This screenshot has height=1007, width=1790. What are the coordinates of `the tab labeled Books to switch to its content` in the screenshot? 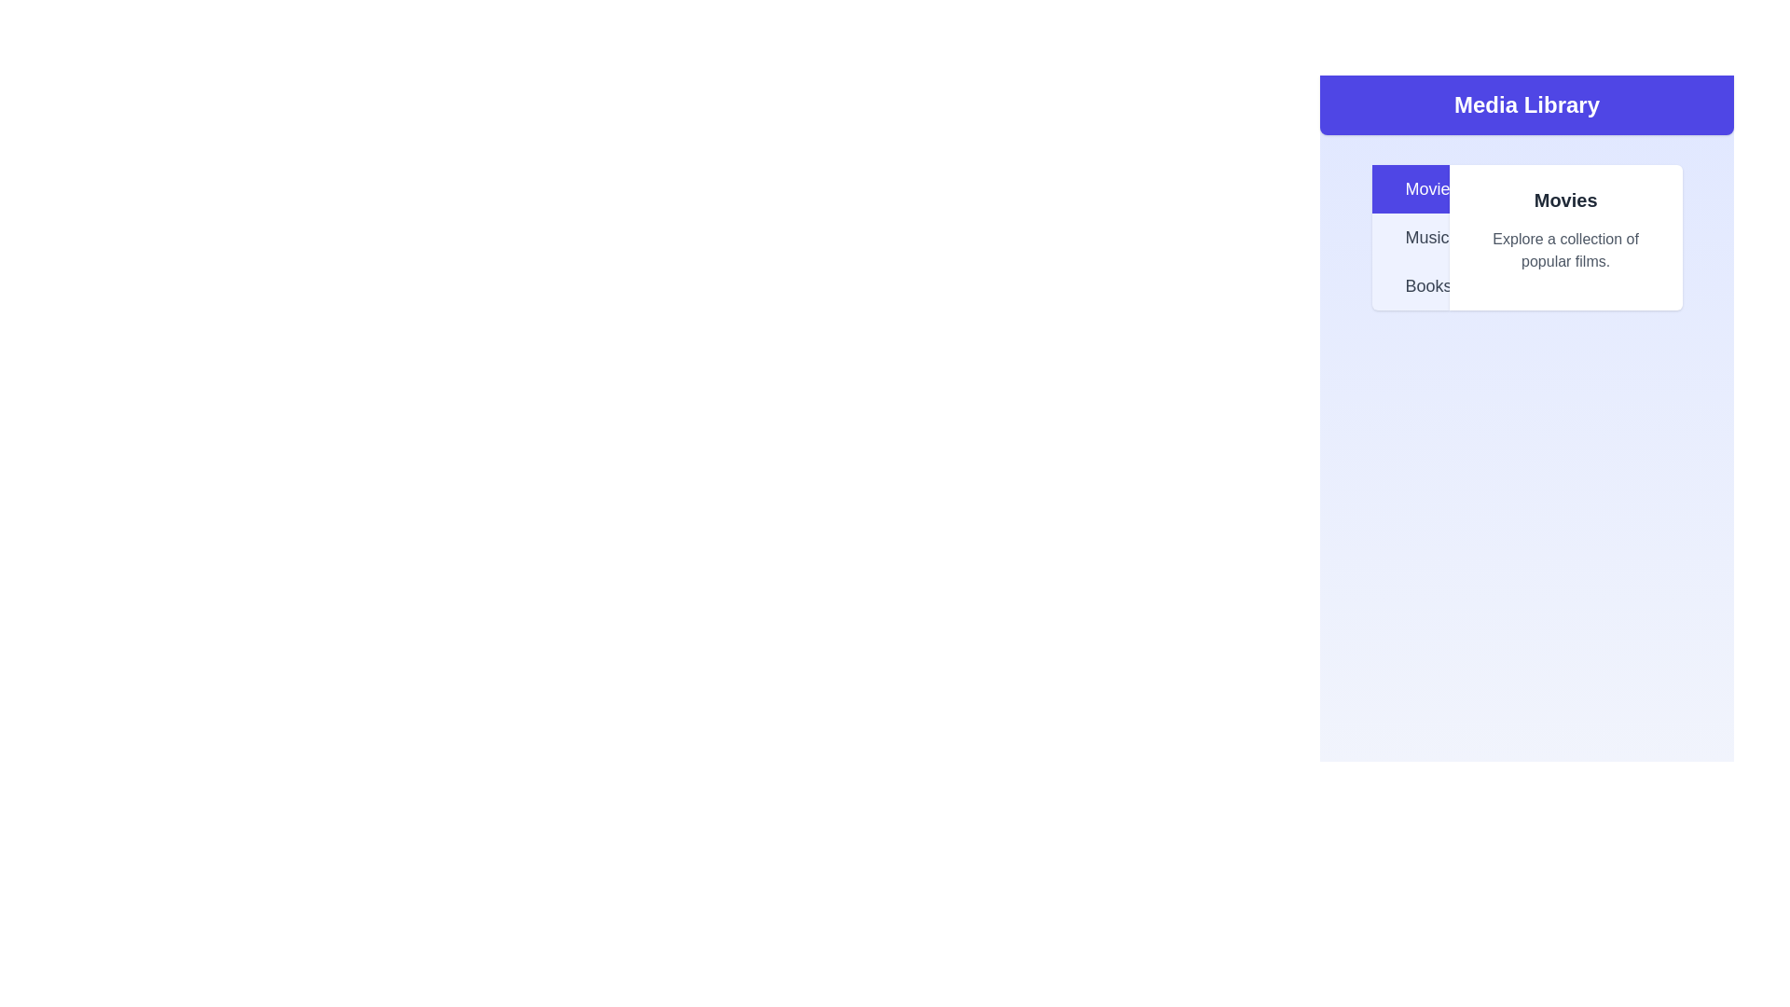 It's located at (1410, 286).